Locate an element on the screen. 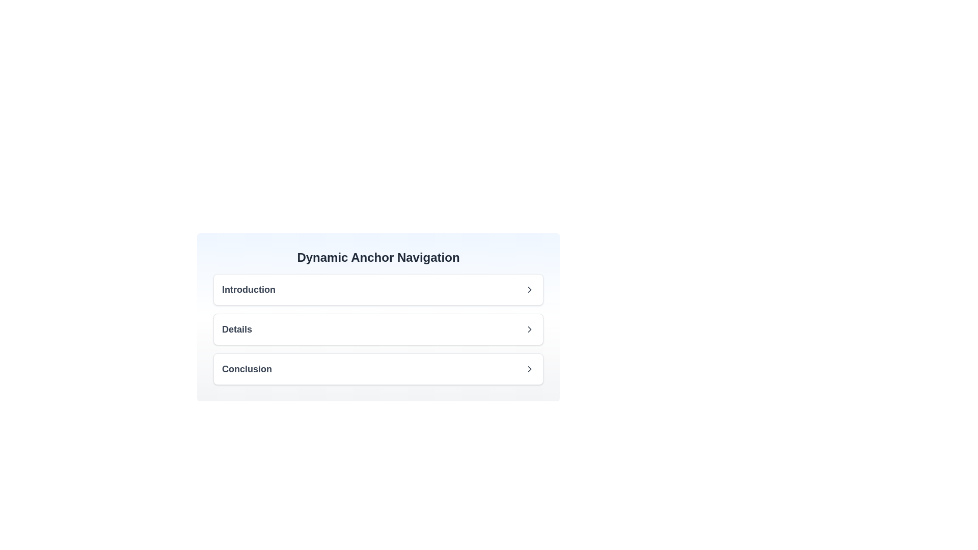  the 'Details' text label in the vertical navigation panel, which is positioned between 'Introduction' and 'Conclusion' is located at coordinates (236, 329).